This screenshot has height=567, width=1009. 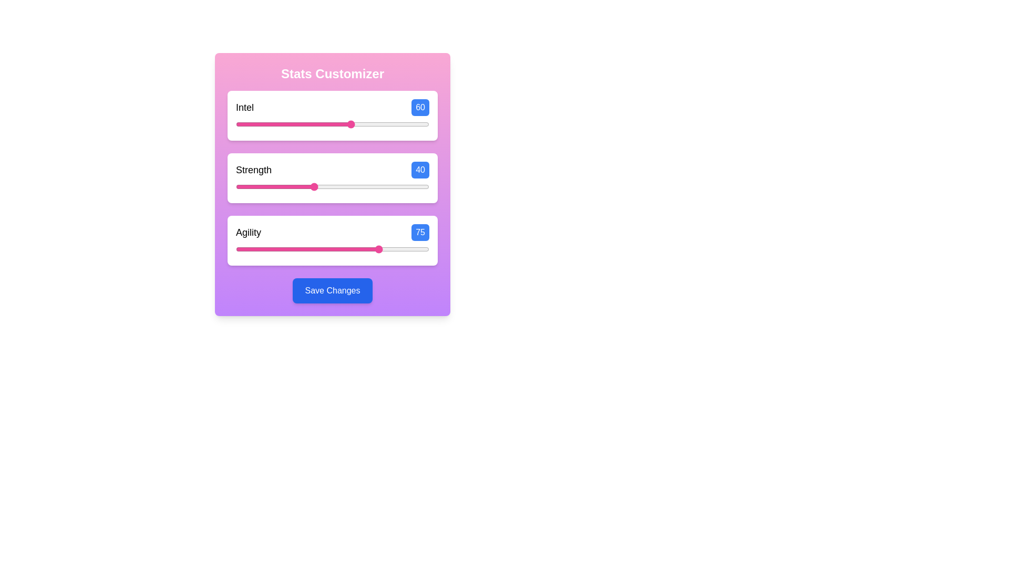 I want to click on the intelligence attribute, so click(x=280, y=123).